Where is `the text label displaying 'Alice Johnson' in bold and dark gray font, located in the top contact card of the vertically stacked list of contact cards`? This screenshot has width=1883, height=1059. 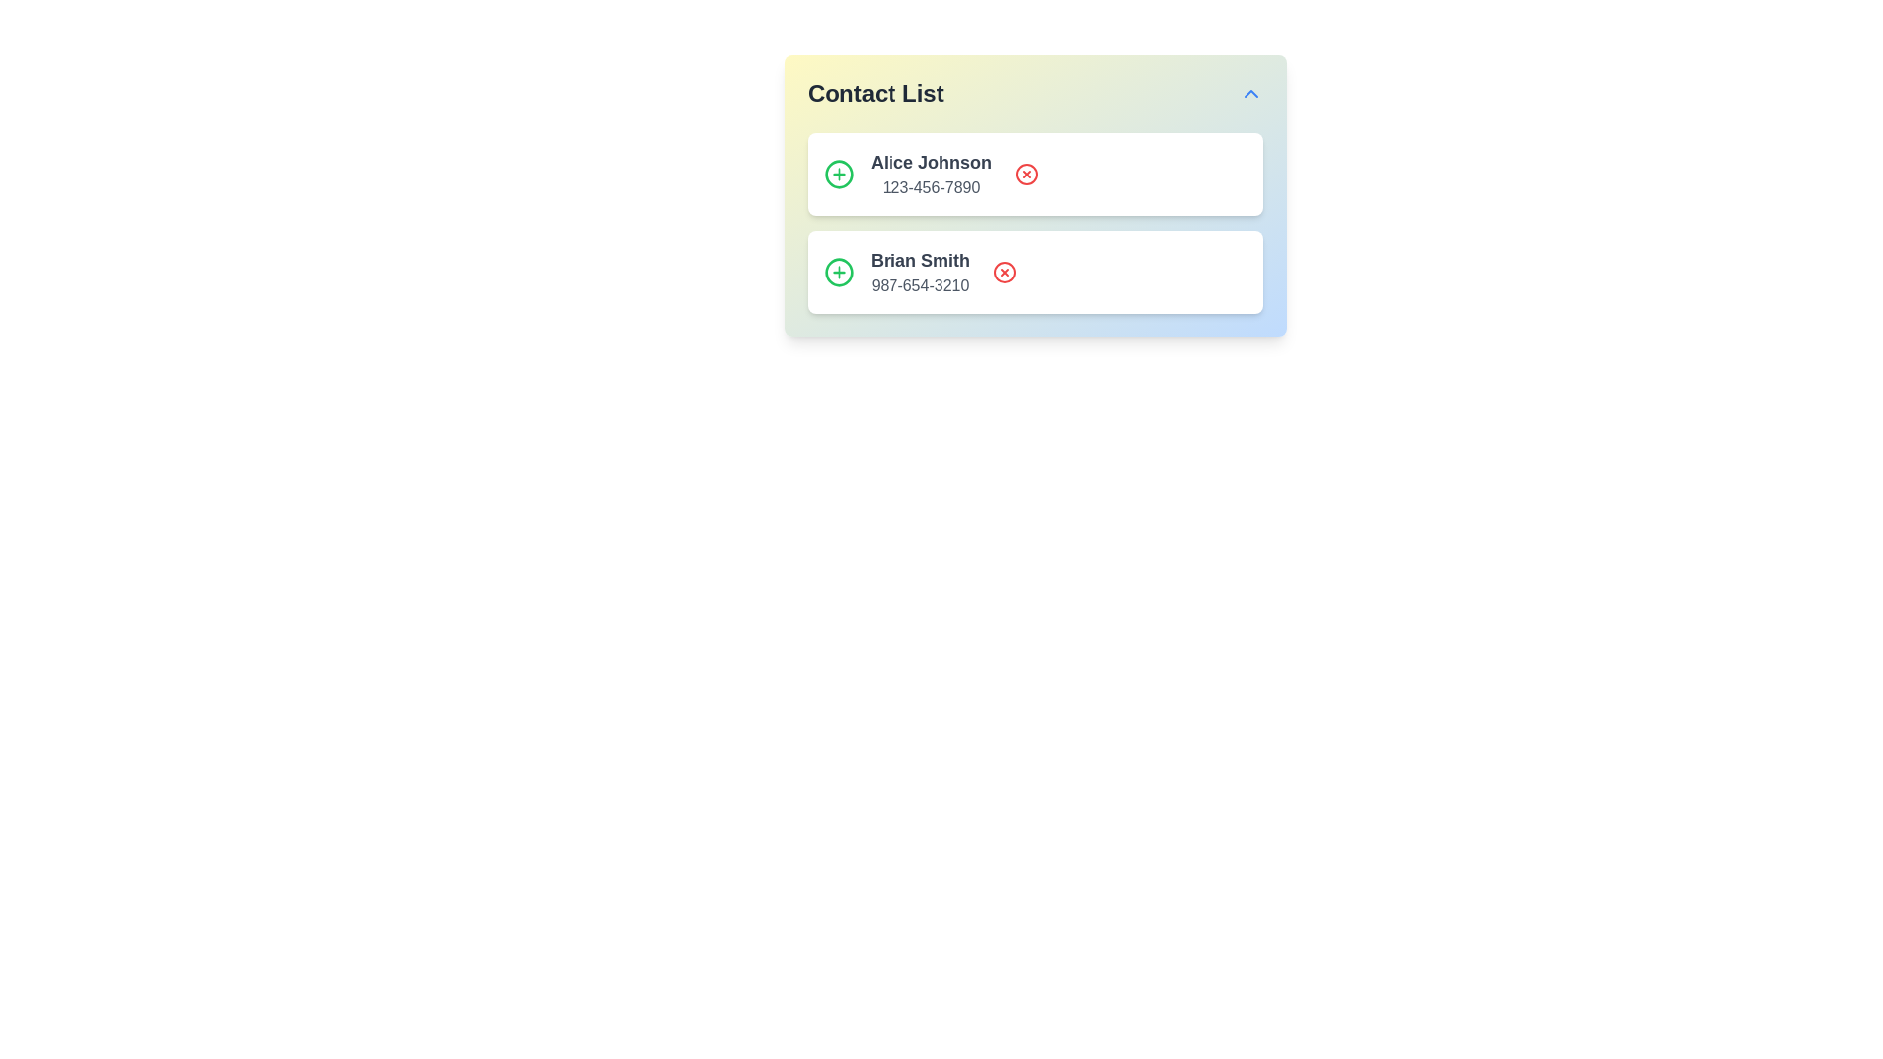
the text label displaying 'Alice Johnson' in bold and dark gray font, located in the top contact card of the vertically stacked list of contact cards is located at coordinates (930, 161).